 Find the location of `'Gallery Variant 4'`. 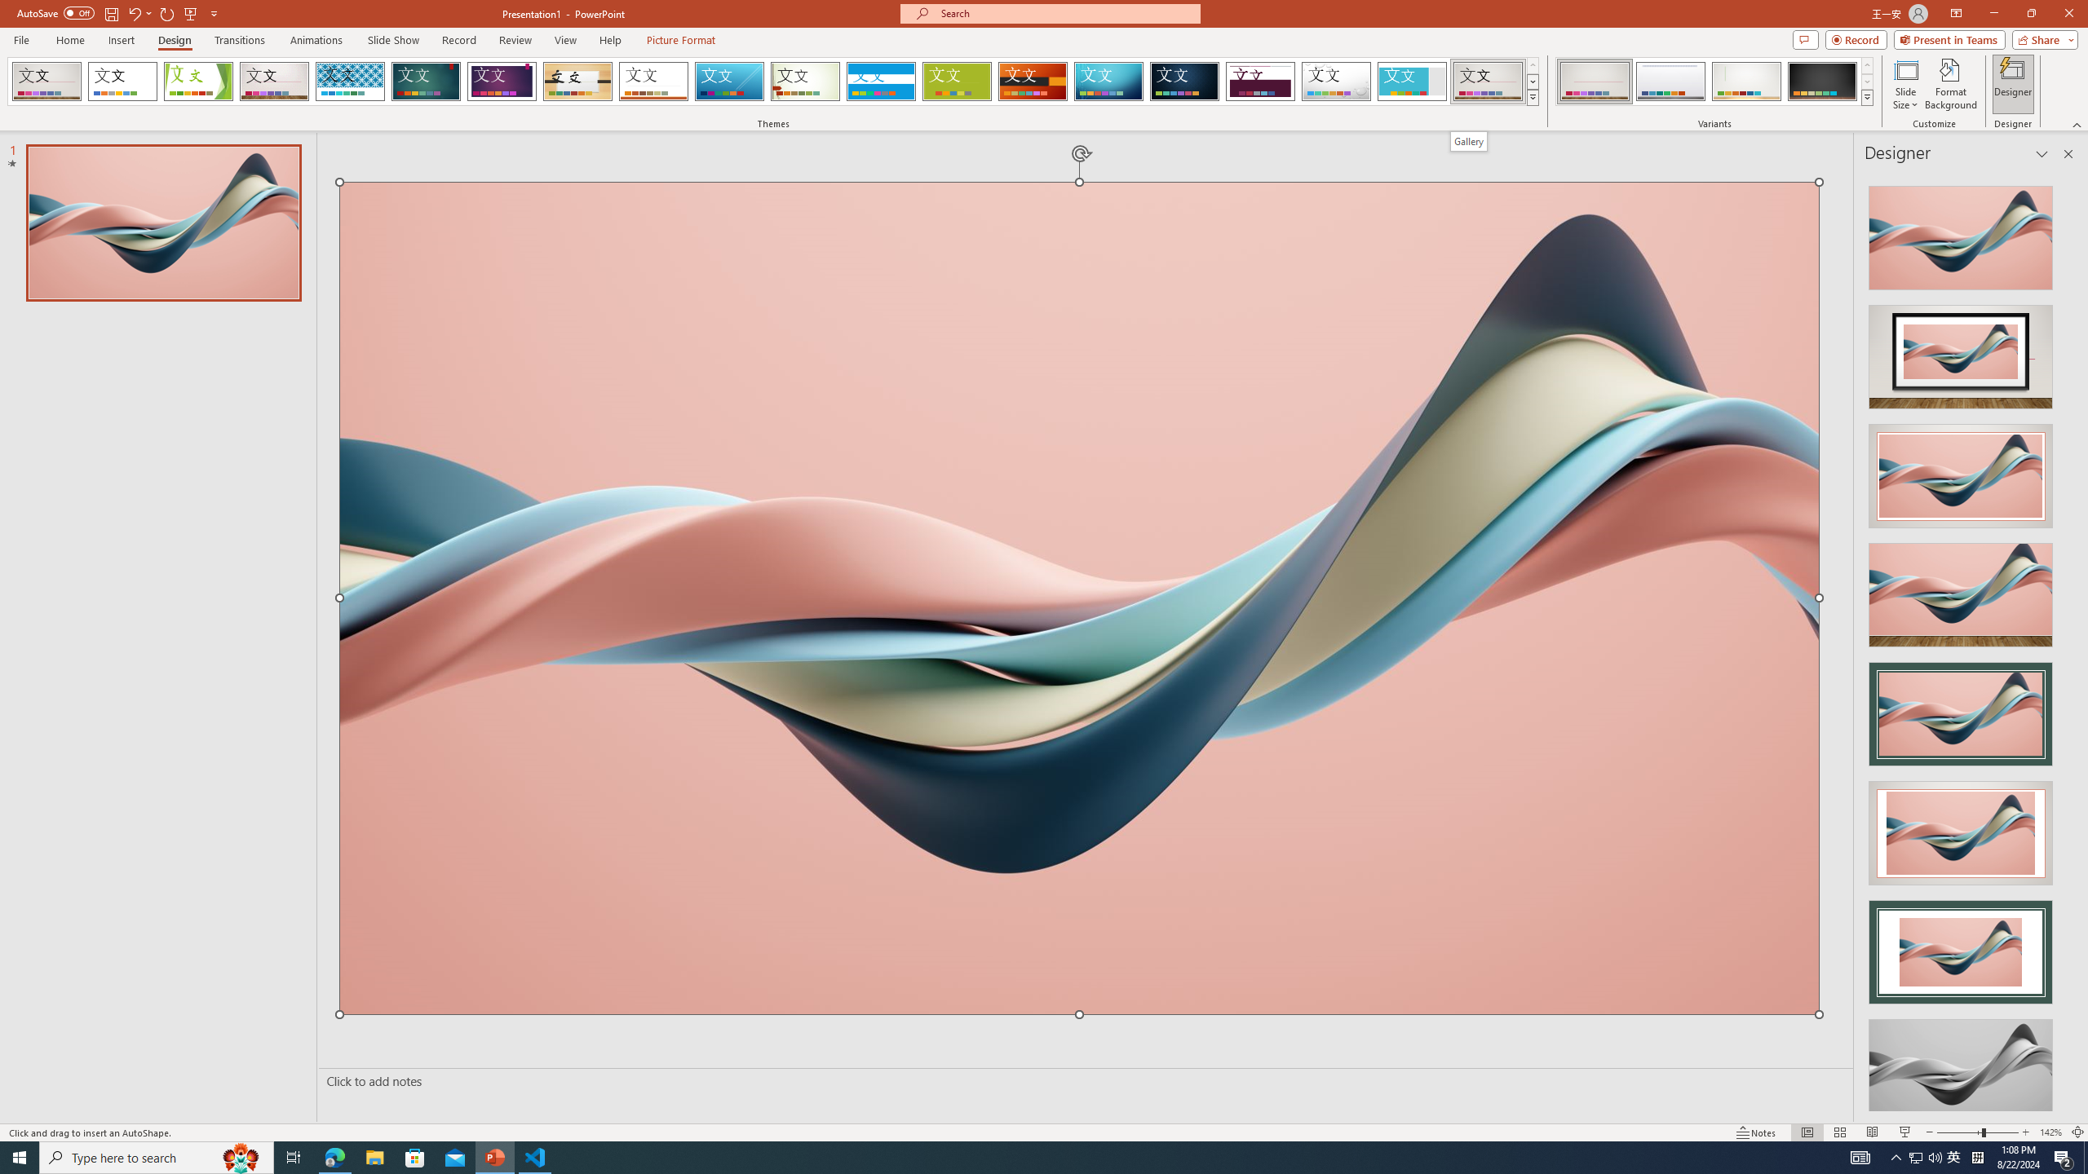

'Gallery Variant 4' is located at coordinates (1821, 81).